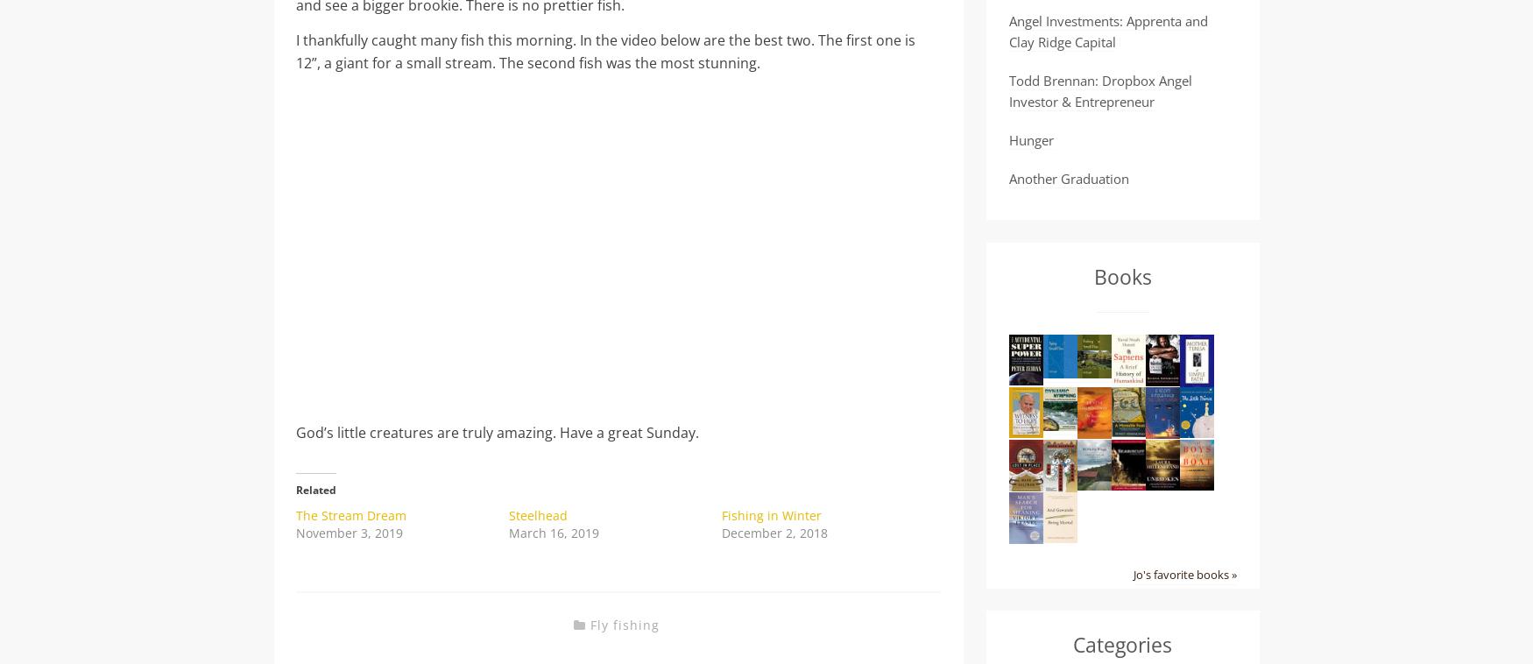  What do you see at coordinates (624, 624) in the screenshot?
I see `'Fly fishing'` at bounding box center [624, 624].